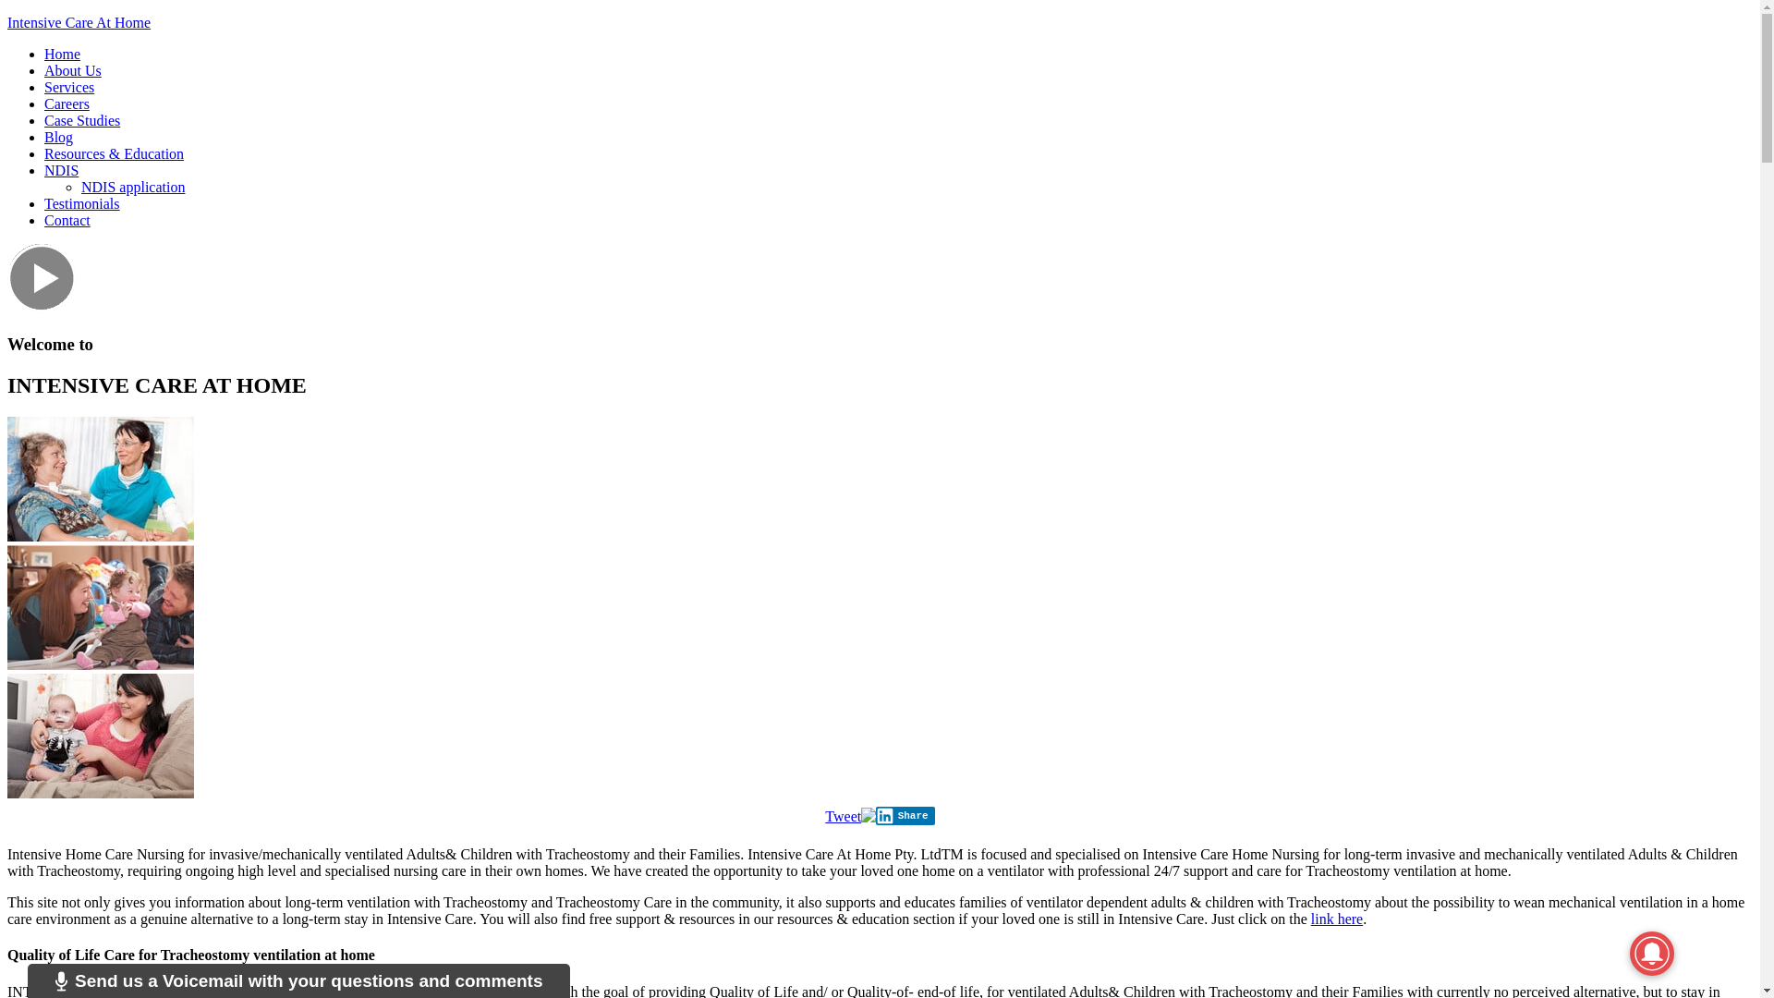 The width and height of the screenshot is (1774, 998). What do you see at coordinates (79, 187) in the screenshot?
I see `'NDIS application'` at bounding box center [79, 187].